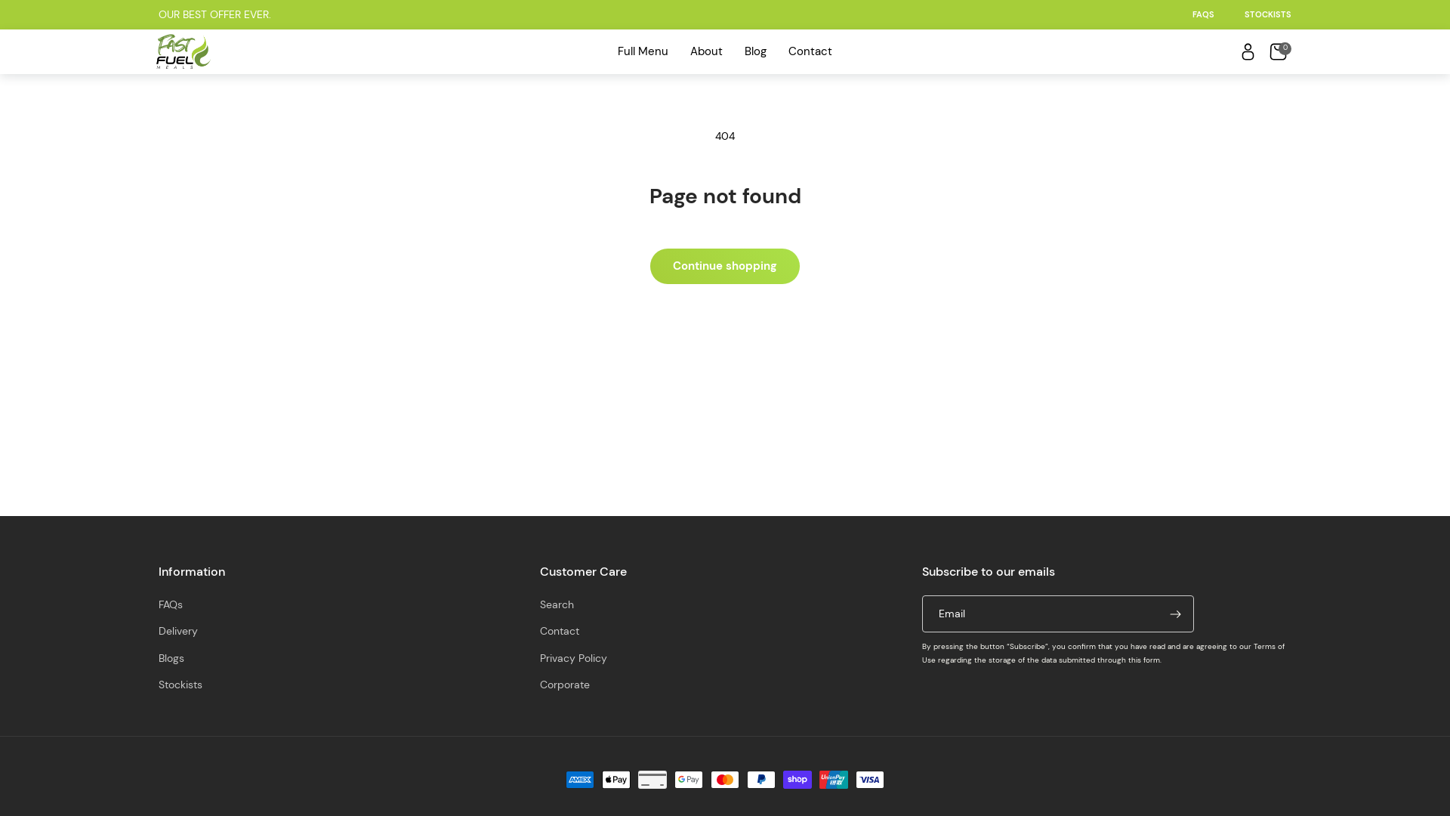 This screenshot has height=816, width=1450. I want to click on 'STOCKISTS', so click(1268, 14).